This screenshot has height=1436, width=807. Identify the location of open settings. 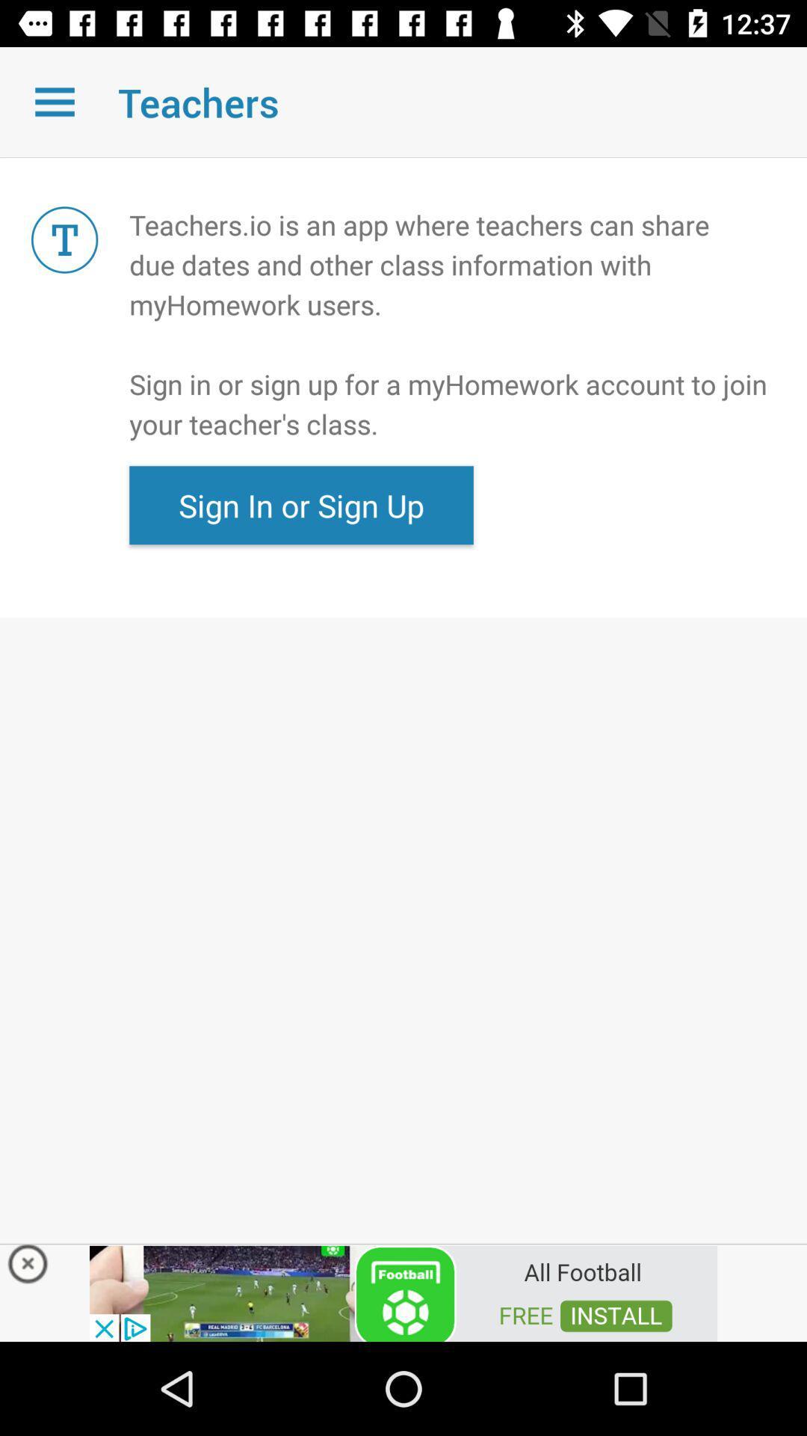
(54, 101).